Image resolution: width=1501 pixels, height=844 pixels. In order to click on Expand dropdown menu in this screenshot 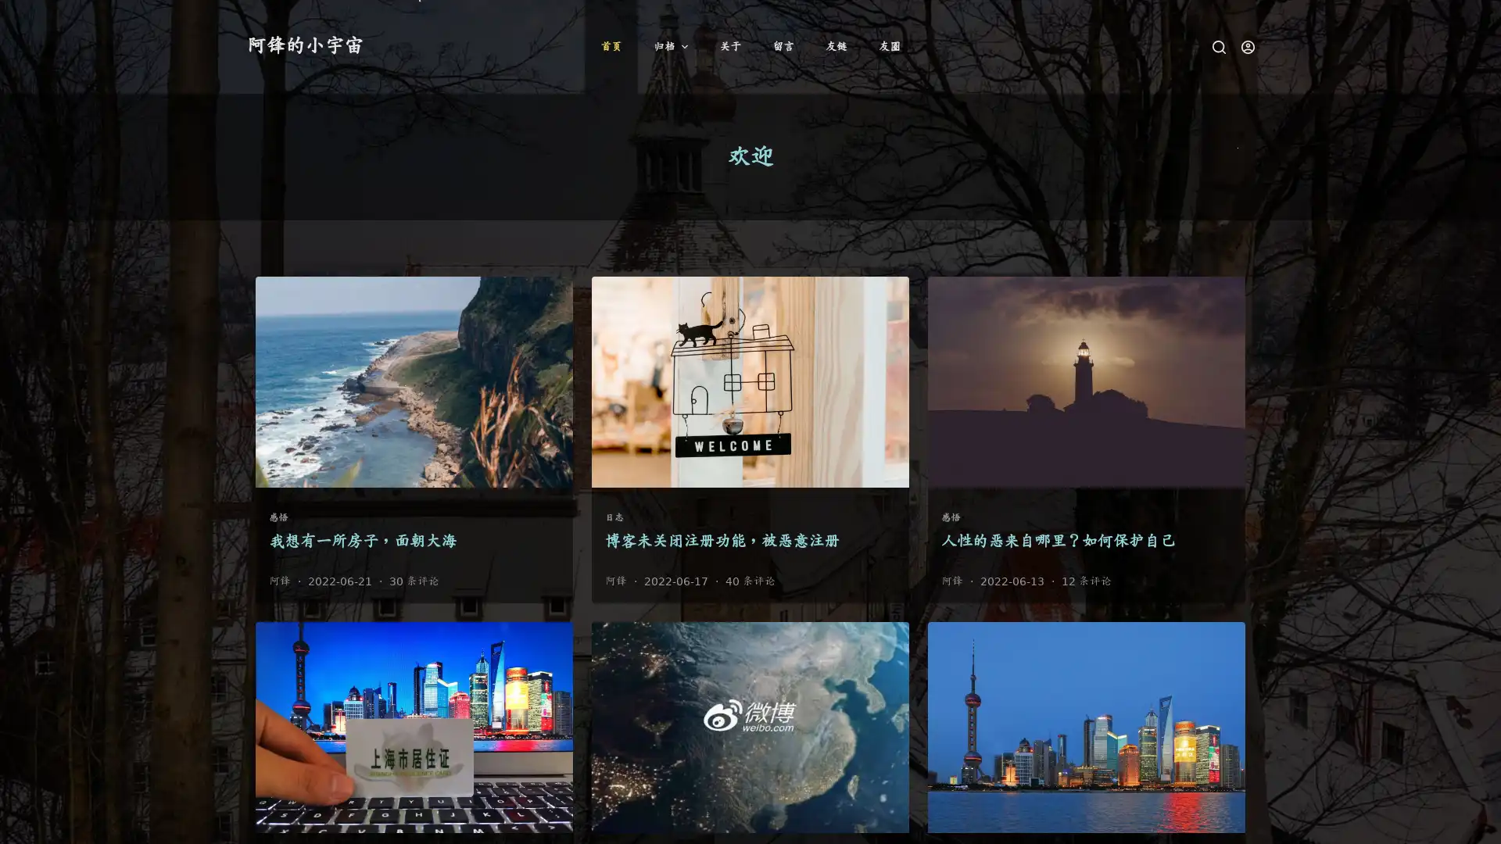, I will do `click(683, 46)`.